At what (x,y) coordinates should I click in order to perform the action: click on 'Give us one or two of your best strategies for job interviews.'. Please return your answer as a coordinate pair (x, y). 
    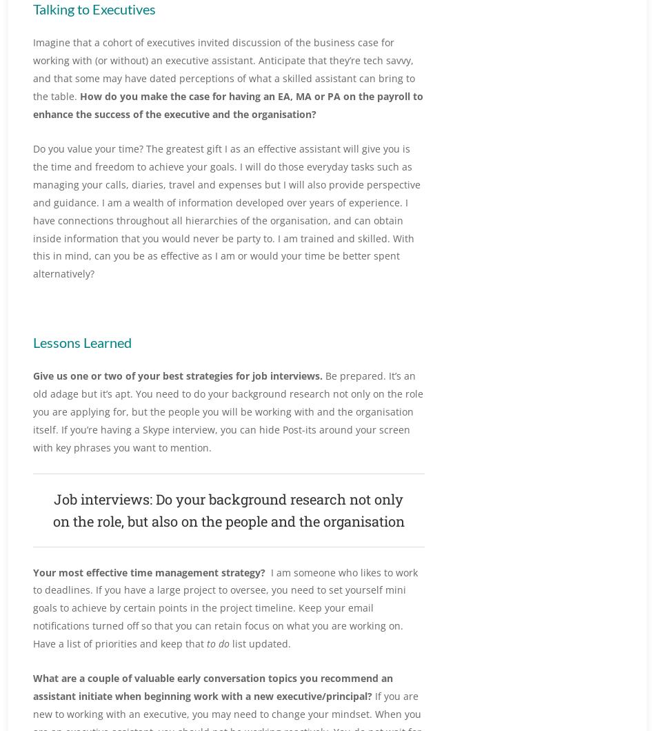
    Looking at the image, I should click on (179, 375).